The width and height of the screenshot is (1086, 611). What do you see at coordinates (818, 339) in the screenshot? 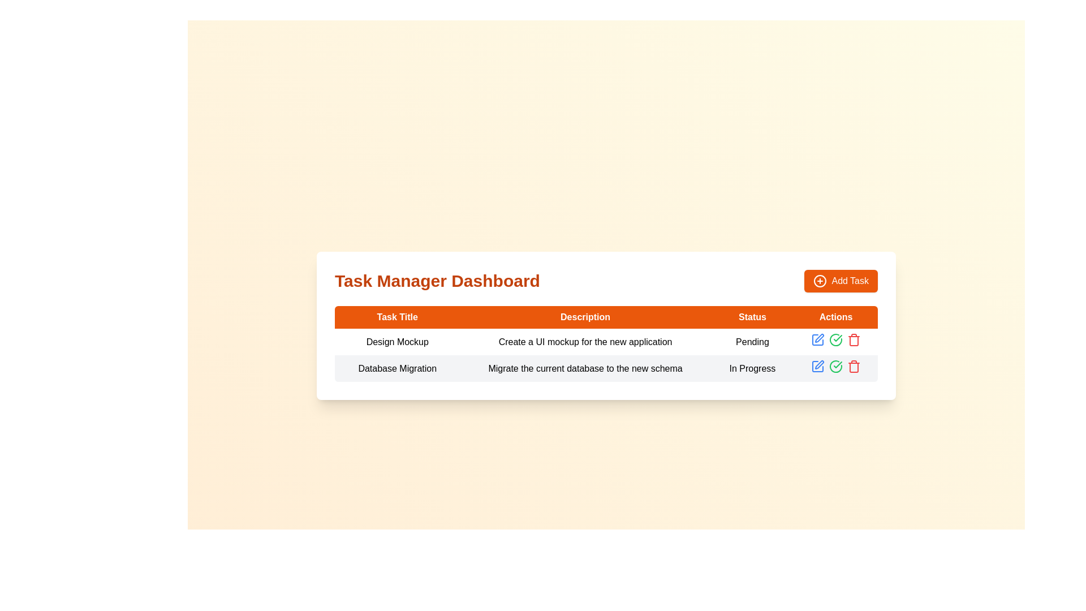
I see `the top boundary line of the square or rectangular icon in the 'Actions' column of the 'Database Migration' row in the task manager table` at bounding box center [818, 339].